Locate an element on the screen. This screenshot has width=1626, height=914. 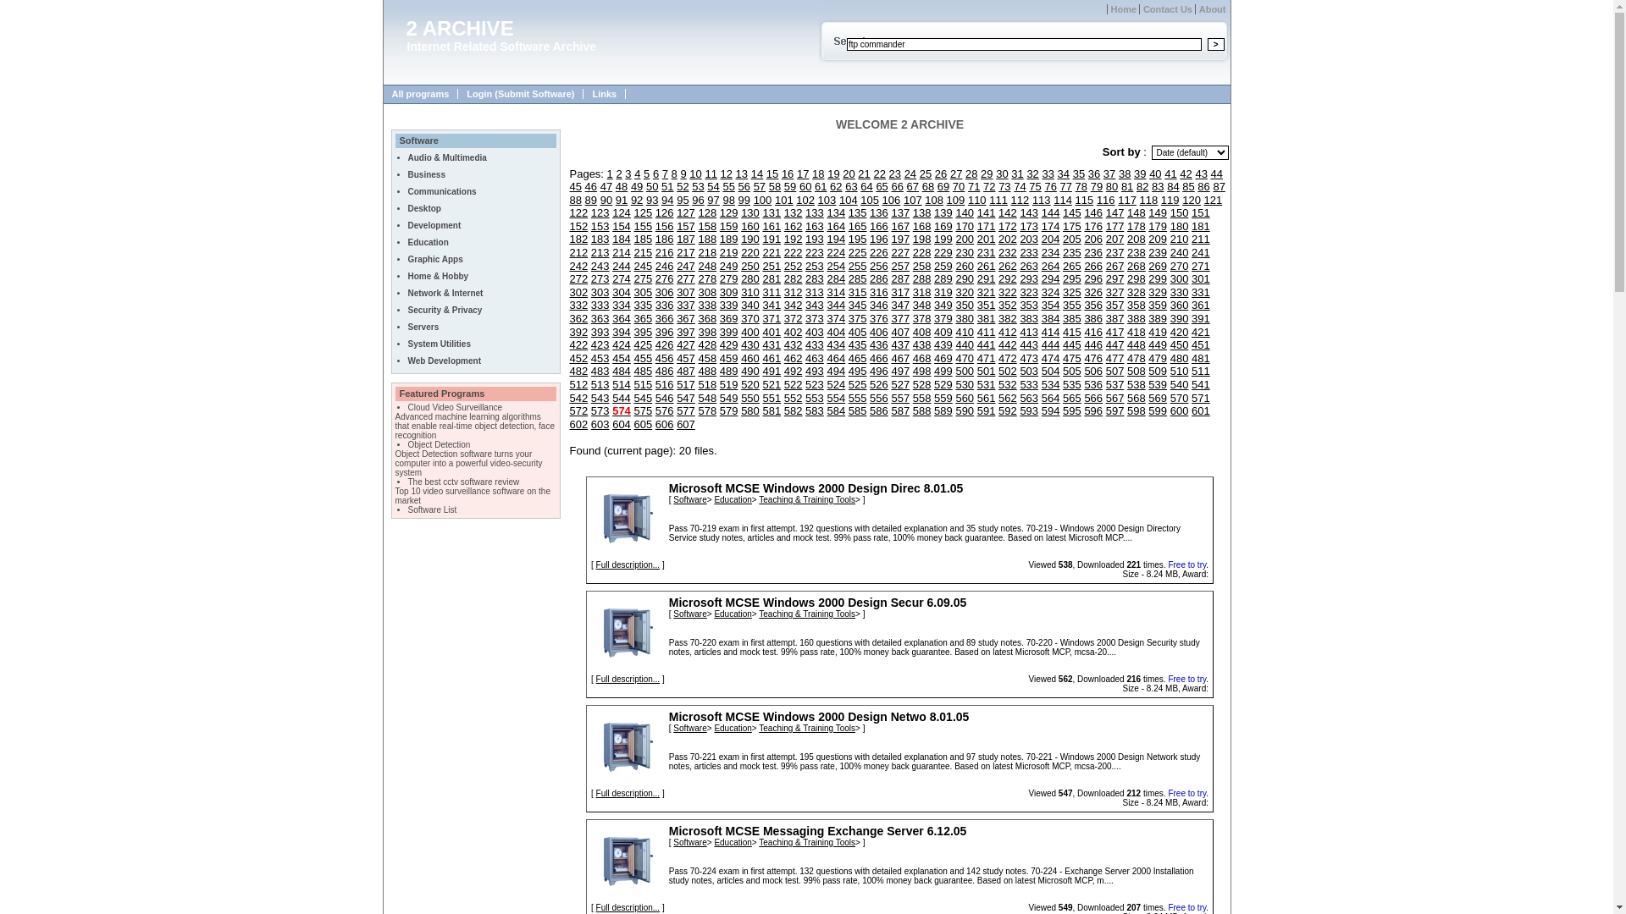
'26' is located at coordinates (934, 173).